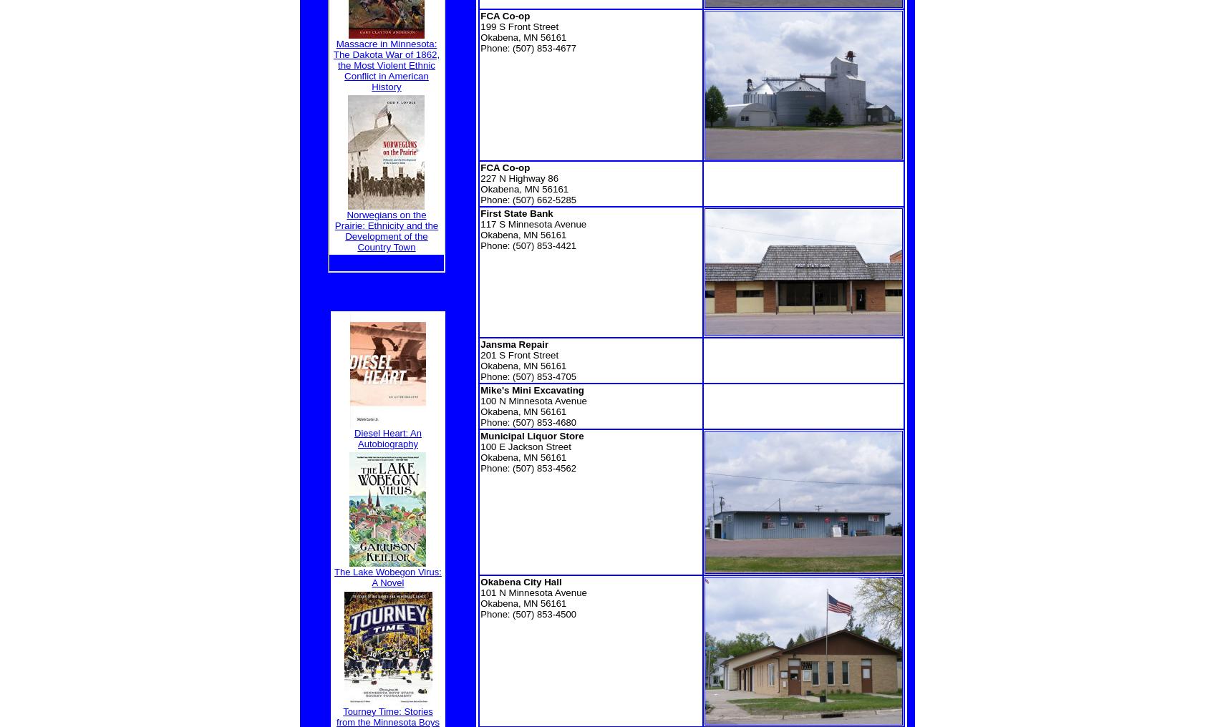 The width and height of the screenshot is (1215, 727). Describe the element at coordinates (527, 199) in the screenshot. I see `'Phone: (507) 662-5285'` at that location.